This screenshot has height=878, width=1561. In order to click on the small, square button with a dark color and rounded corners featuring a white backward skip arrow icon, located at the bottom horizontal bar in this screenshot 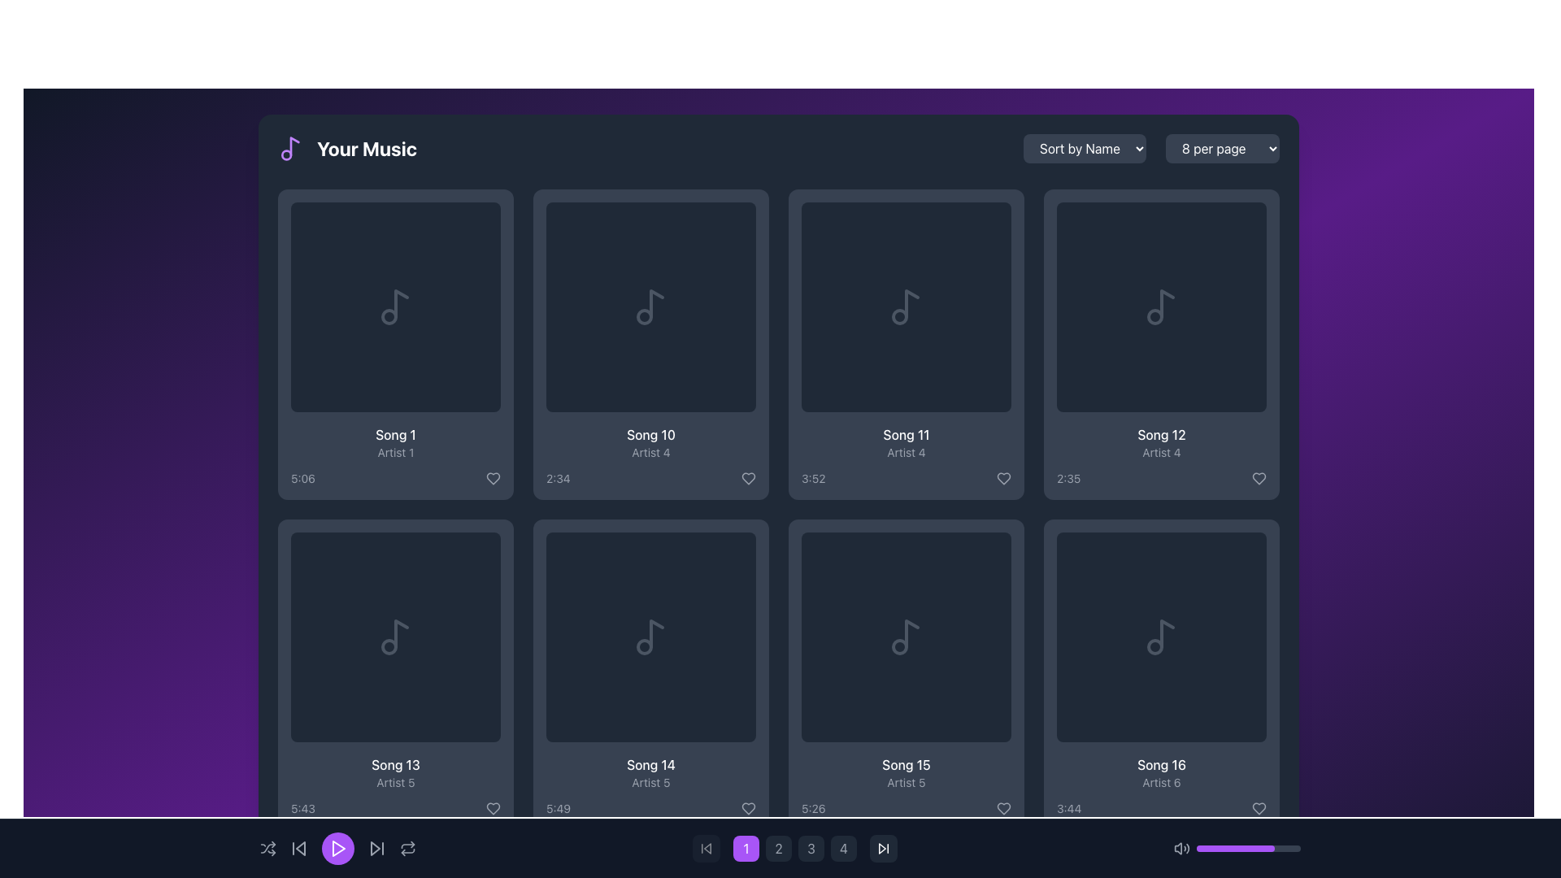, I will do `click(706, 848)`.